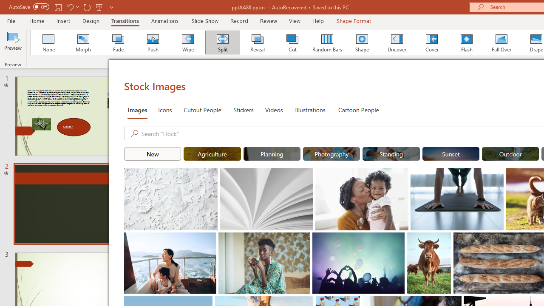 This screenshot has height=306, width=544. I want to click on '"Standing" Stock Images.', so click(391, 154).